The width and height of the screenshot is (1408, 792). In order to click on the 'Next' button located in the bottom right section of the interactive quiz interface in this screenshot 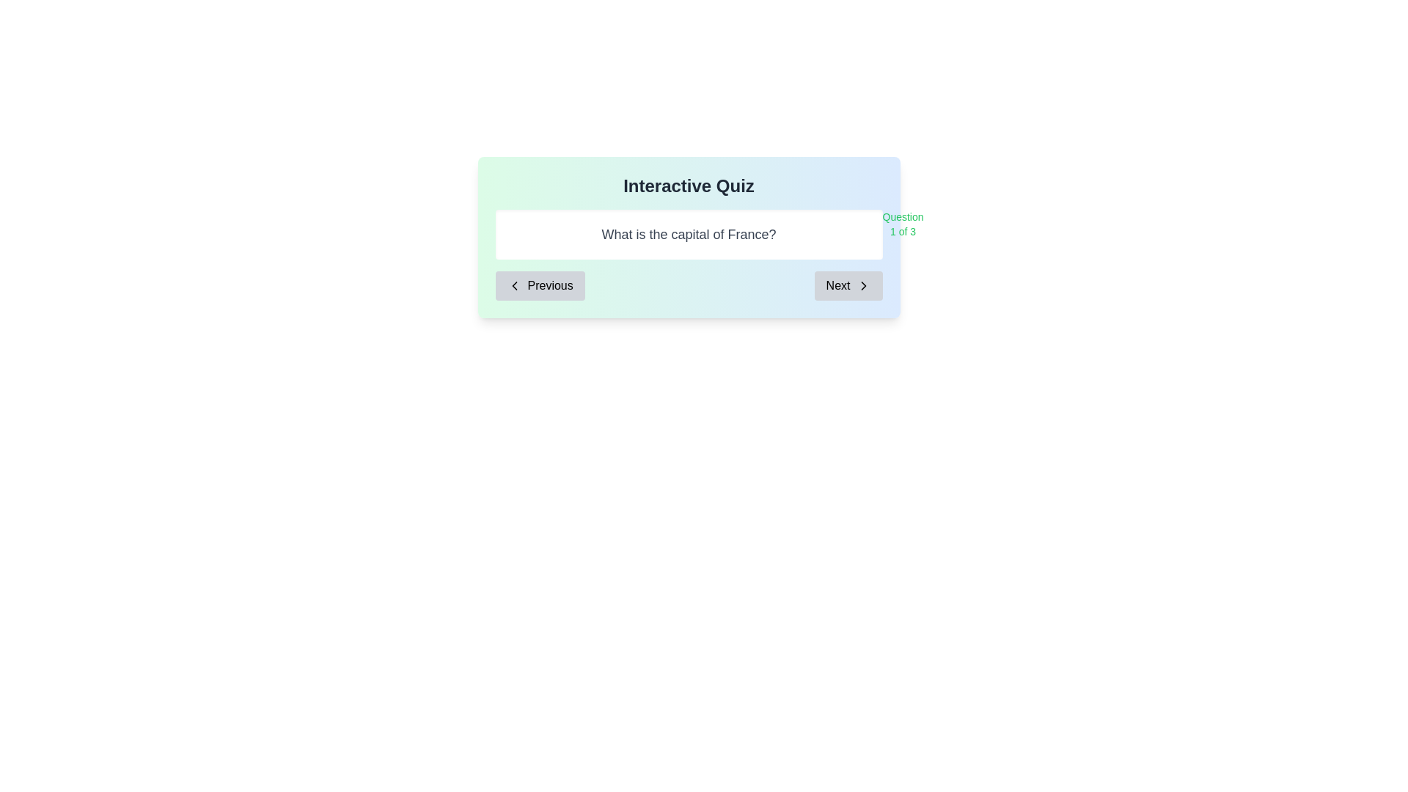, I will do `click(848, 285)`.